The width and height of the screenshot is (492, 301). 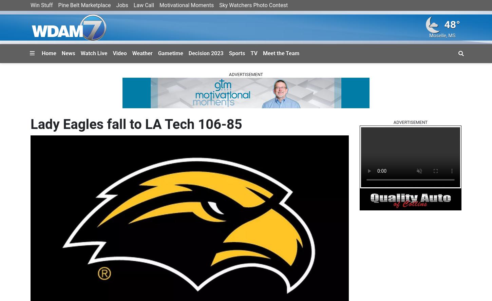 I want to click on 'TV', so click(x=254, y=53).